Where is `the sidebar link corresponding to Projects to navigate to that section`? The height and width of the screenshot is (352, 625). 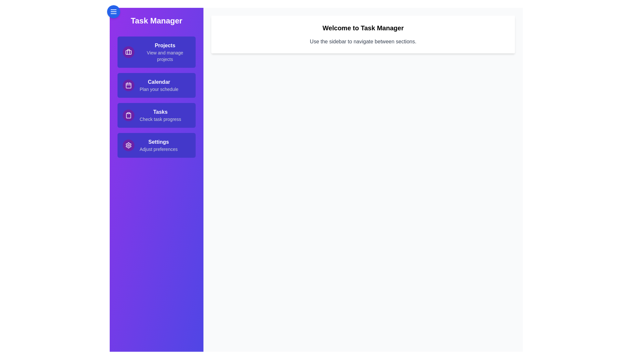 the sidebar link corresponding to Projects to navigate to that section is located at coordinates (156, 51).